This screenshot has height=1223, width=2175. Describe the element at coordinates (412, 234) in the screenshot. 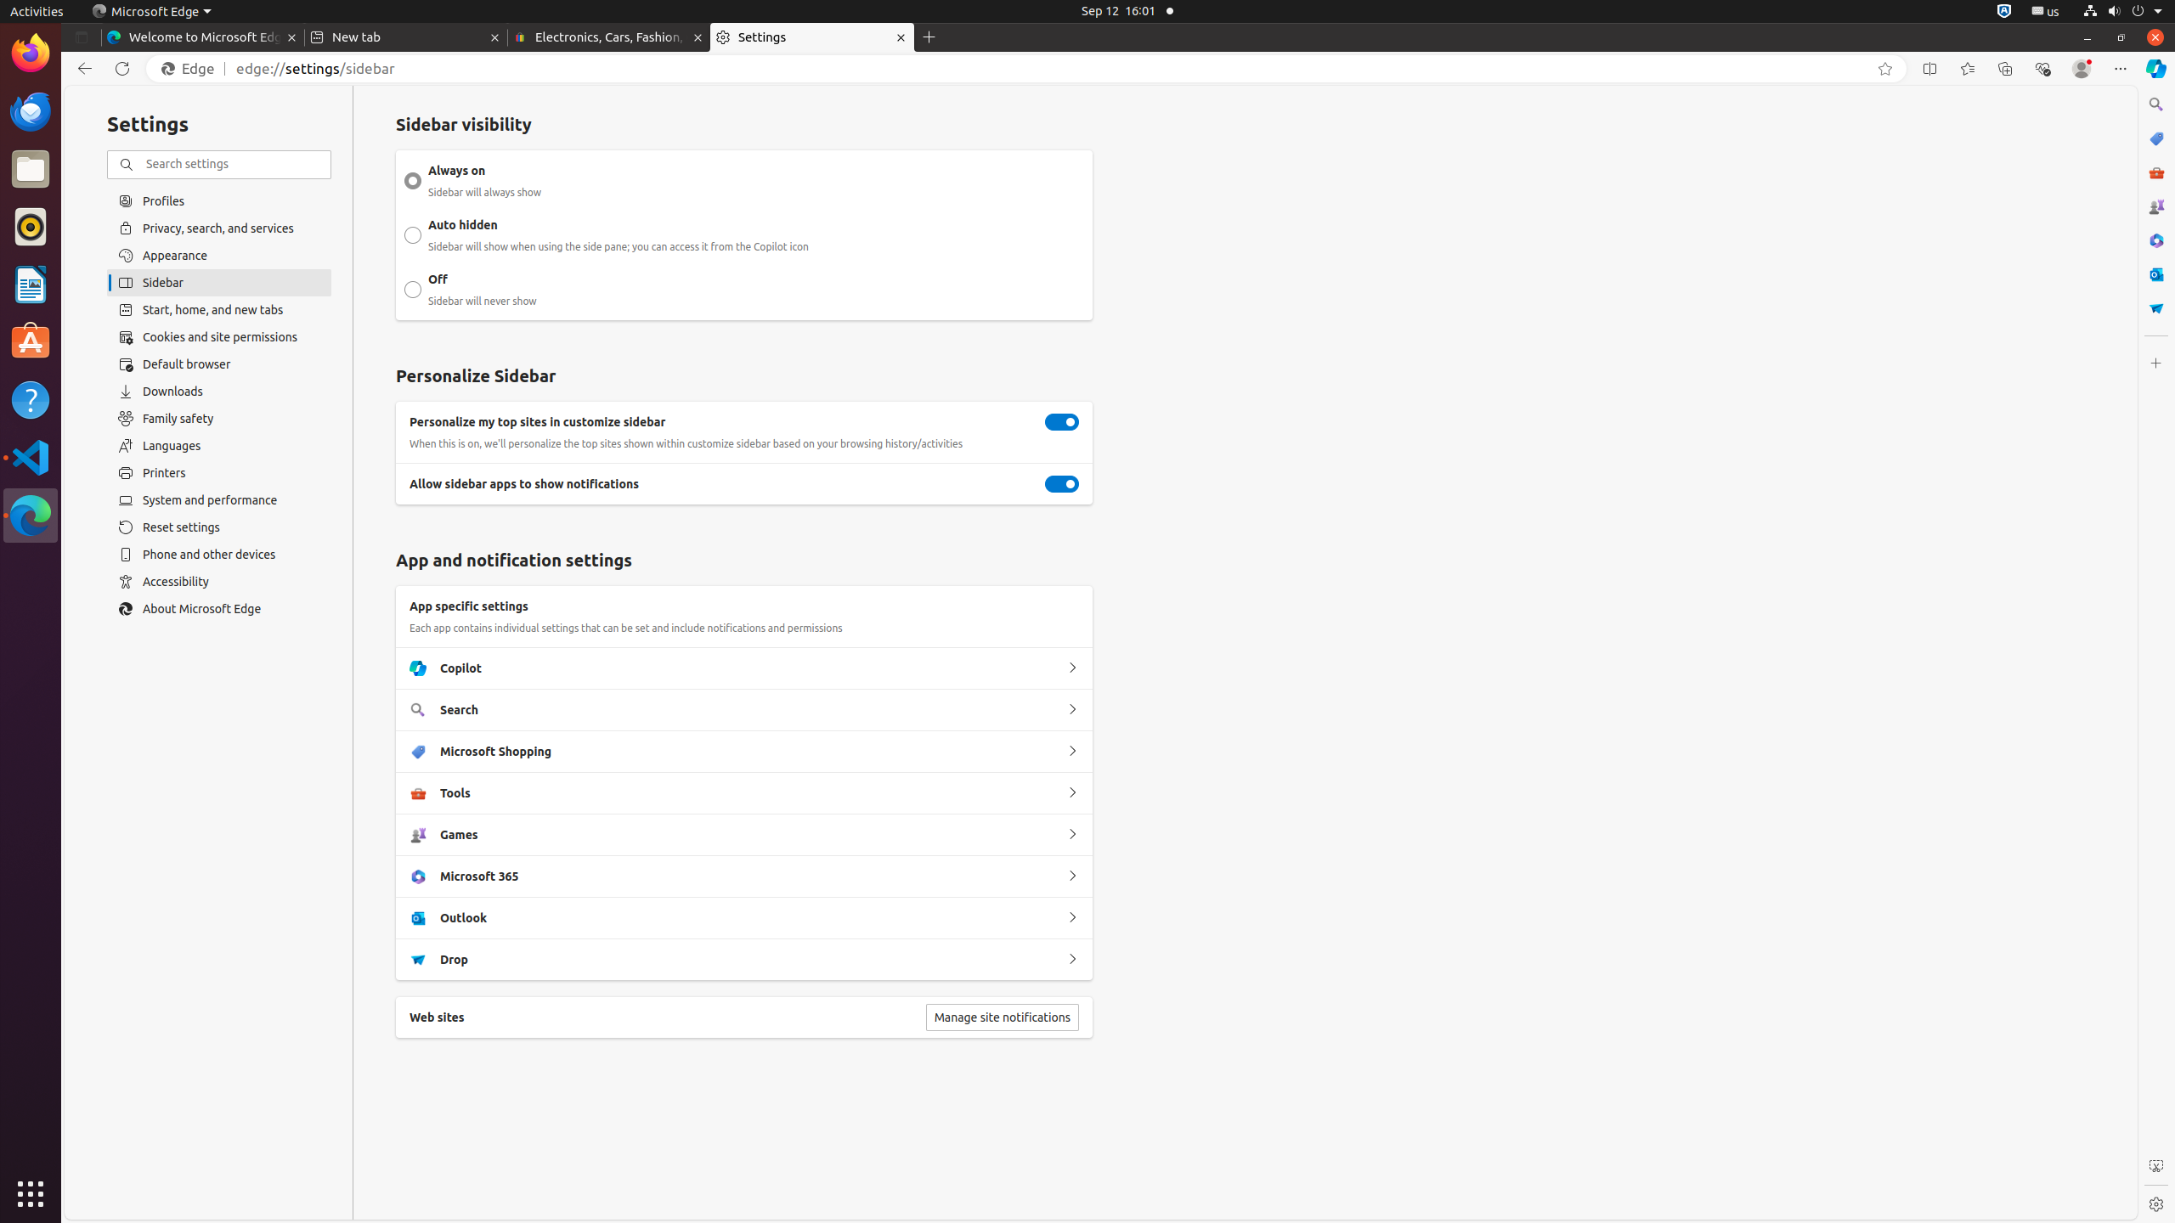

I see `'Auto hidden Sidebar will show when using the side pane; you can access it from the Copilot icon'` at that location.